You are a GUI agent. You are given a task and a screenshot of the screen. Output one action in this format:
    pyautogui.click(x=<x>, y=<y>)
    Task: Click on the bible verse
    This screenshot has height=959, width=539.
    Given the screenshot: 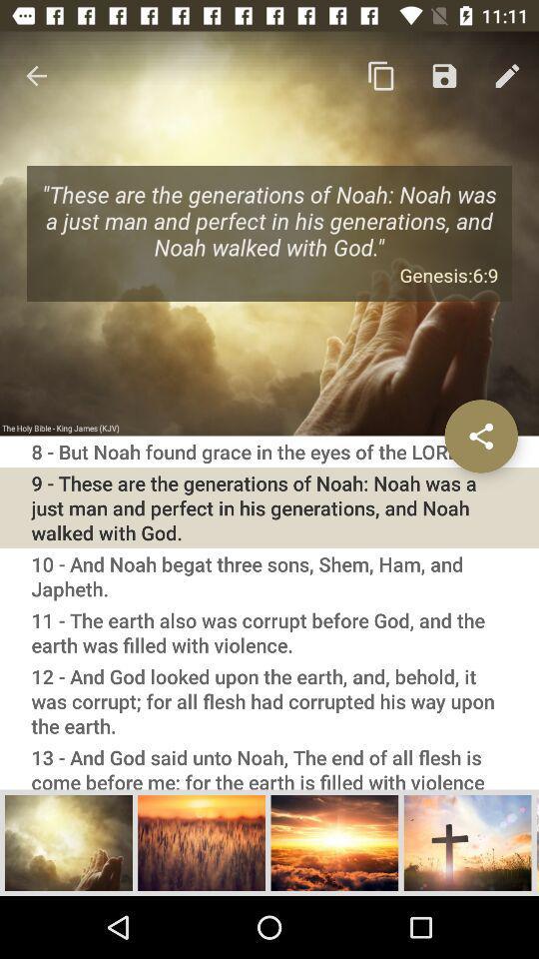 What is the action you would take?
    pyautogui.click(x=68, y=841)
    